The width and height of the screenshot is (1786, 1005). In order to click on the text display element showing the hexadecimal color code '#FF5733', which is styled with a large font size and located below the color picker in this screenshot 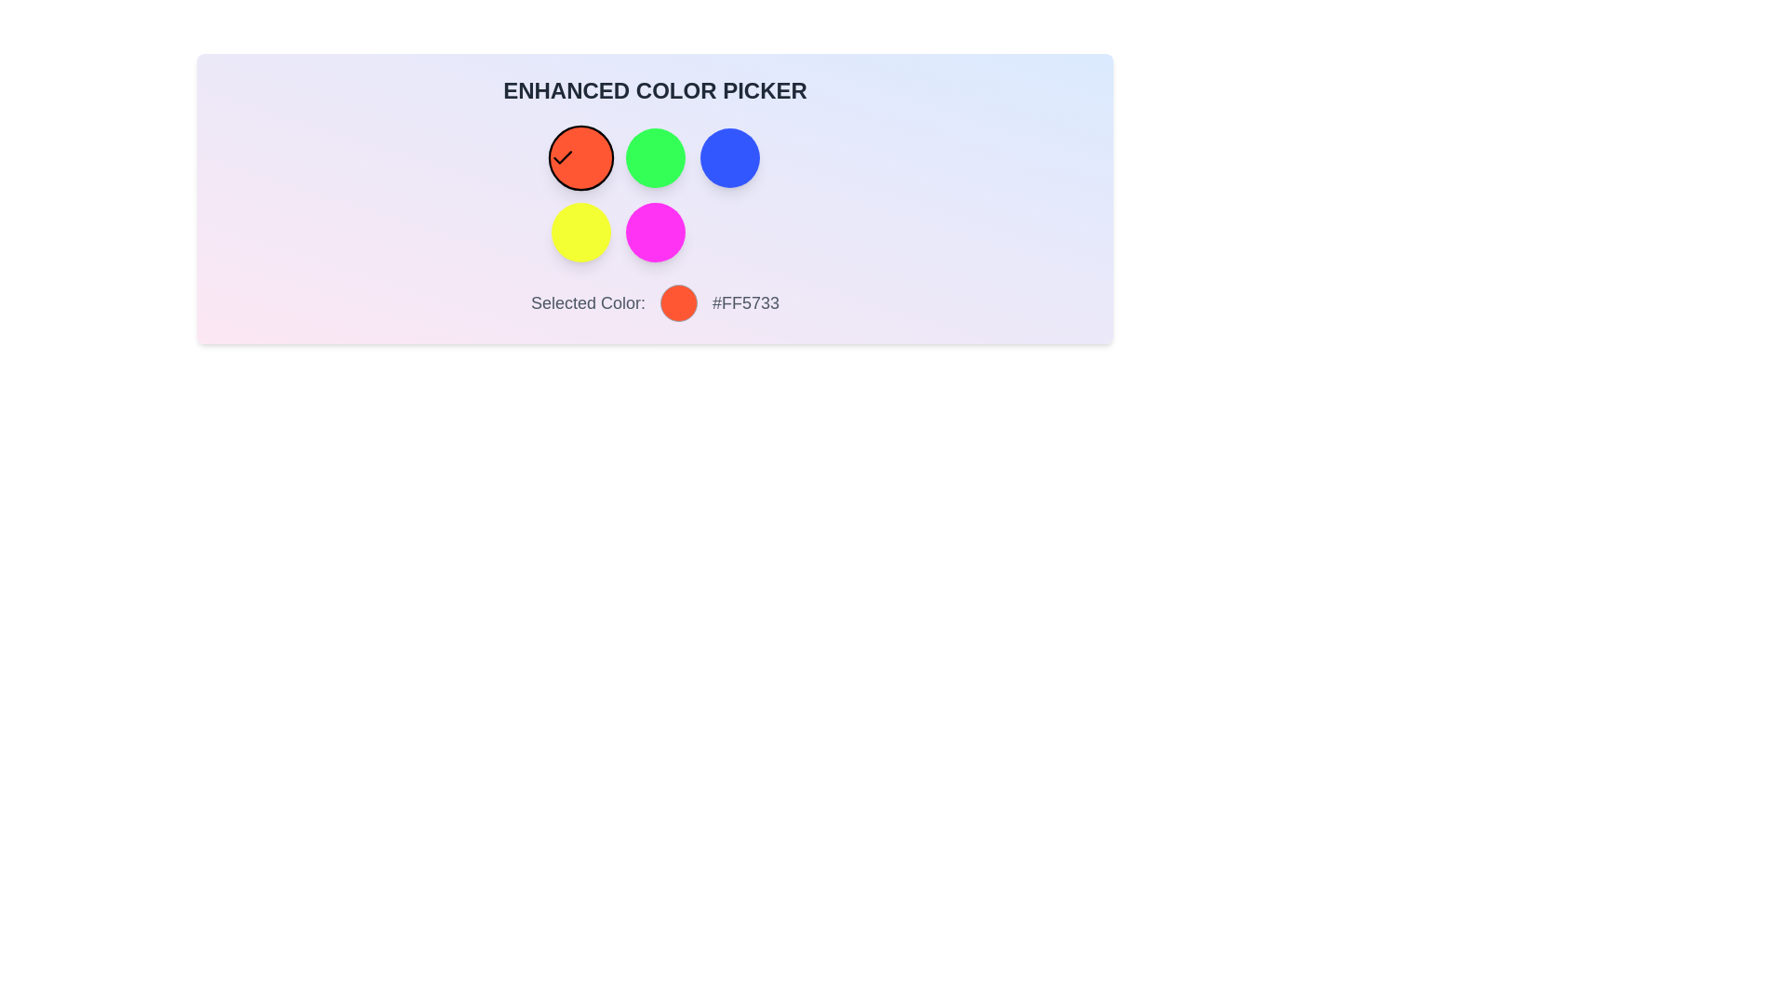, I will do `click(745, 302)`.